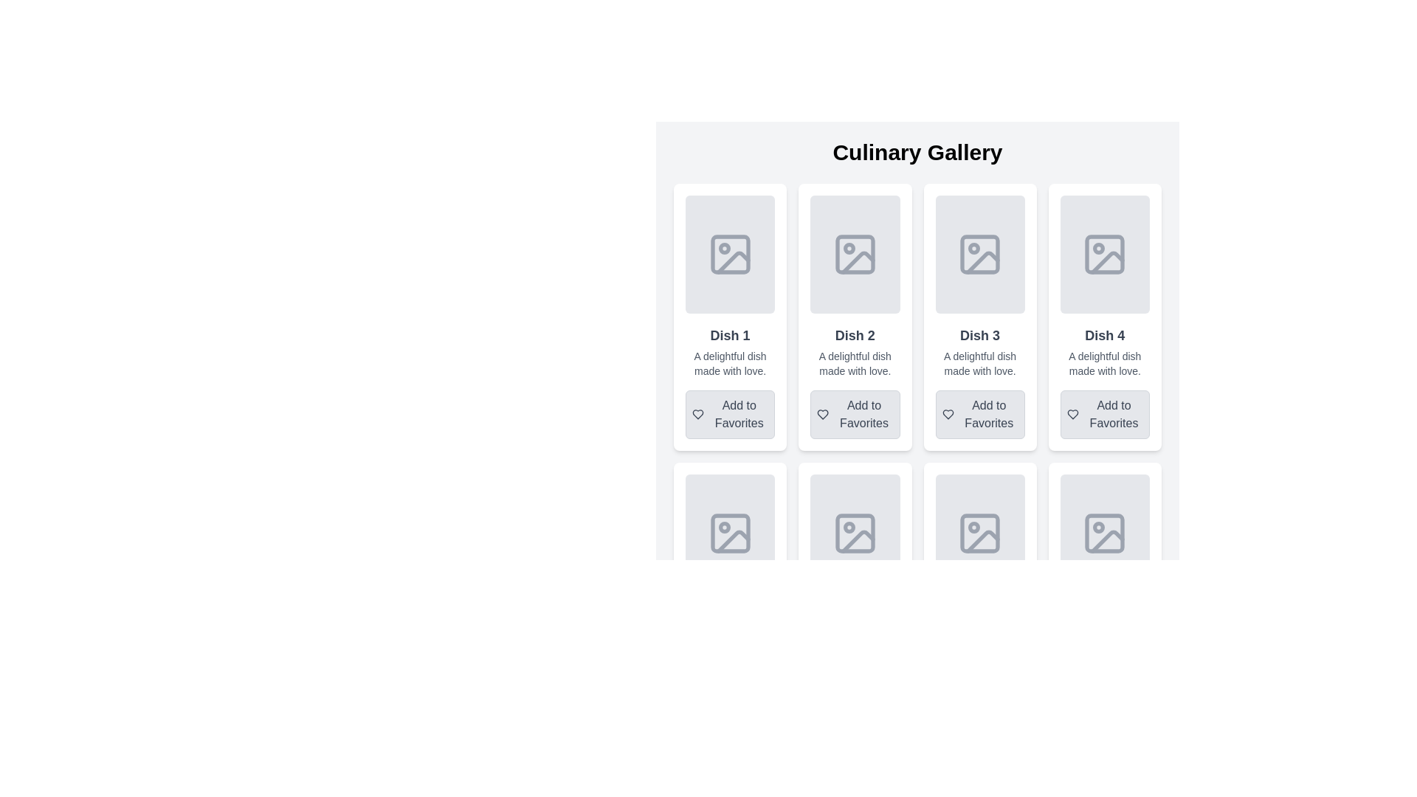 Image resolution: width=1417 pixels, height=797 pixels. Describe the element at coordinates (855, 336) in the screenshot. I see `the text label that serves as the title of the dish card located in the second card of the top row in the culinary gallery grid` at that location.